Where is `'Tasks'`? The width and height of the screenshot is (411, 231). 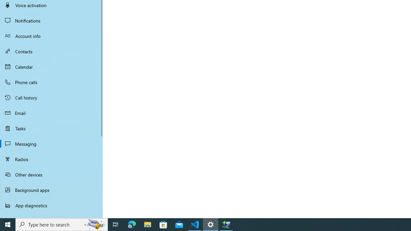
'Tasks' is located at coordinates (51, 128).